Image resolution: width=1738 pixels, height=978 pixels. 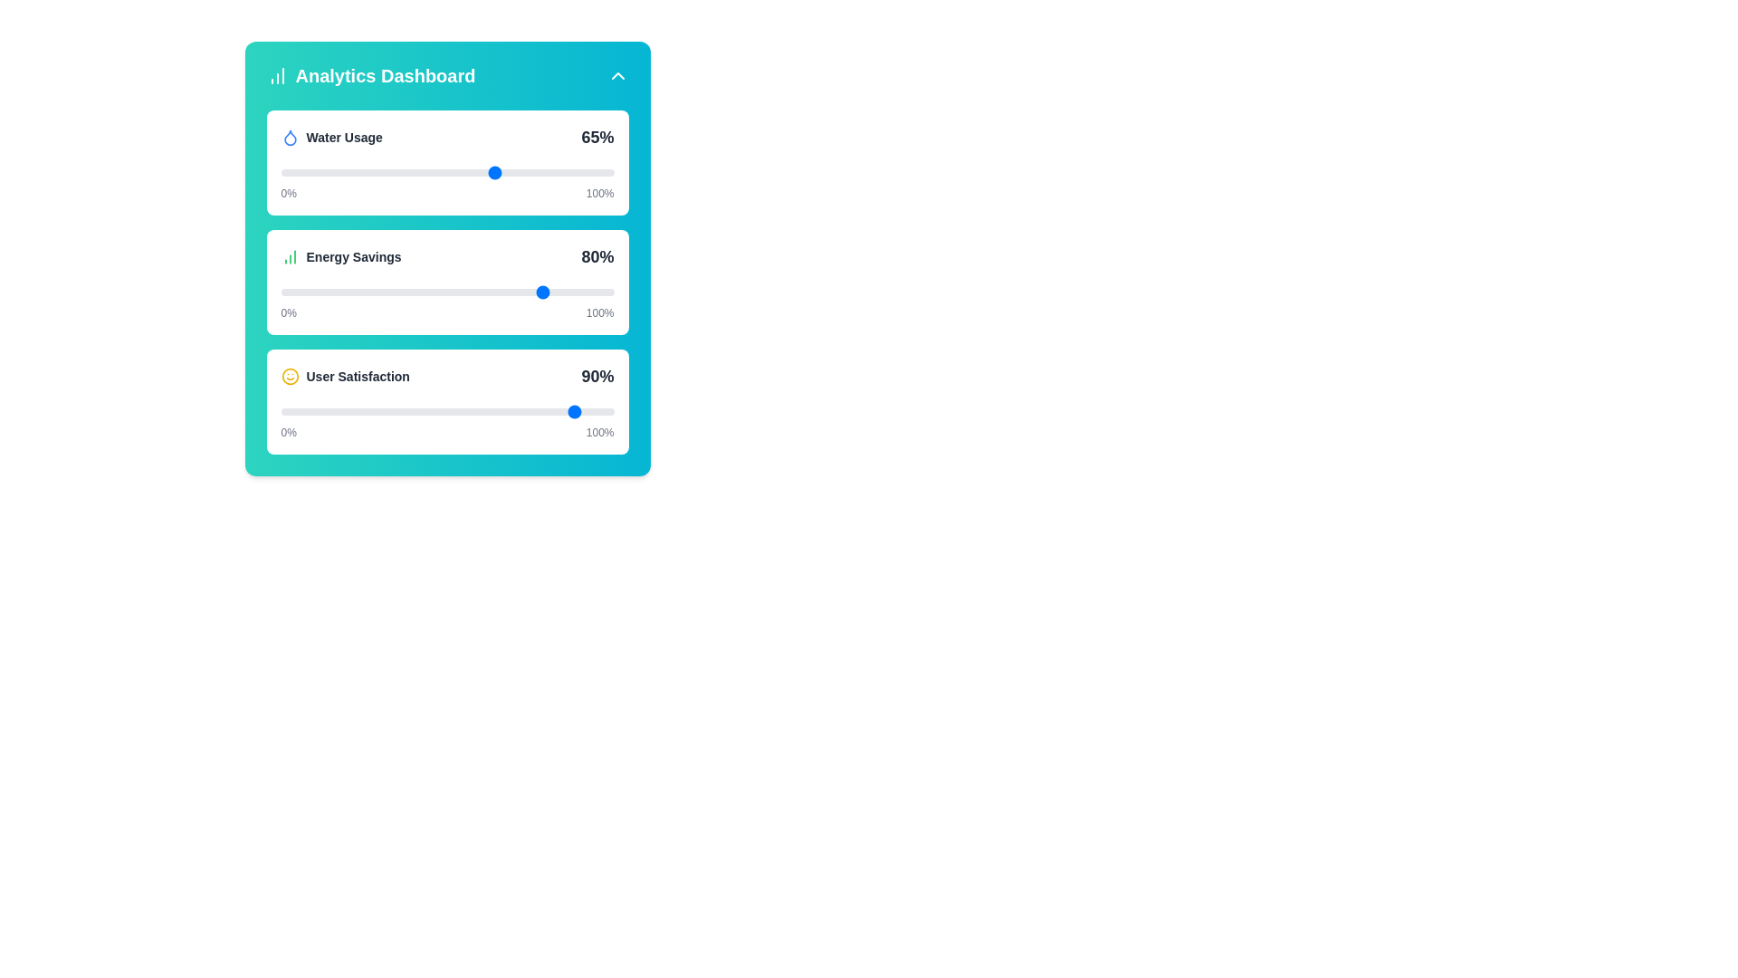 What do you see at coordinates (290, 136) in the screenshot?
I see `the decorative icon representing the 'Water Usage' section, located to the left of the 'Water Usage' label in the header` at bounding box center [290, 136].